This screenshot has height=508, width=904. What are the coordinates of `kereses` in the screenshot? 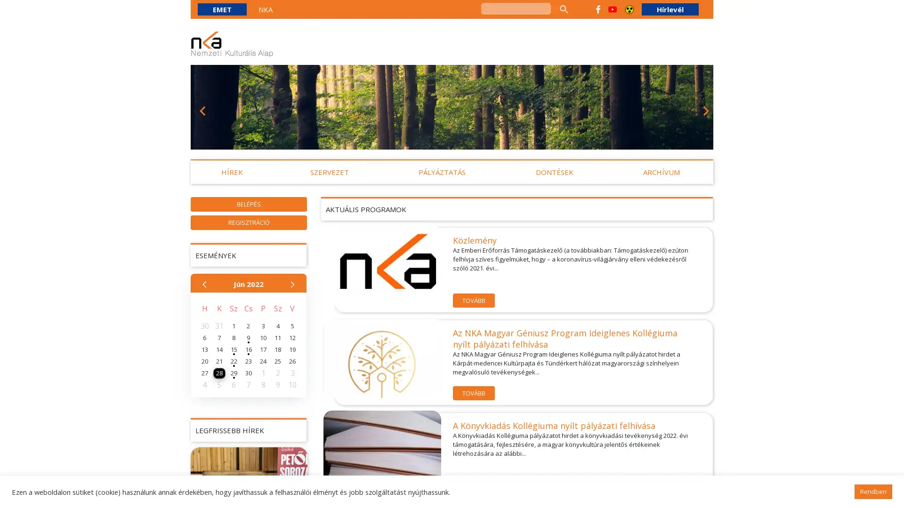 It's located at (563, 9).